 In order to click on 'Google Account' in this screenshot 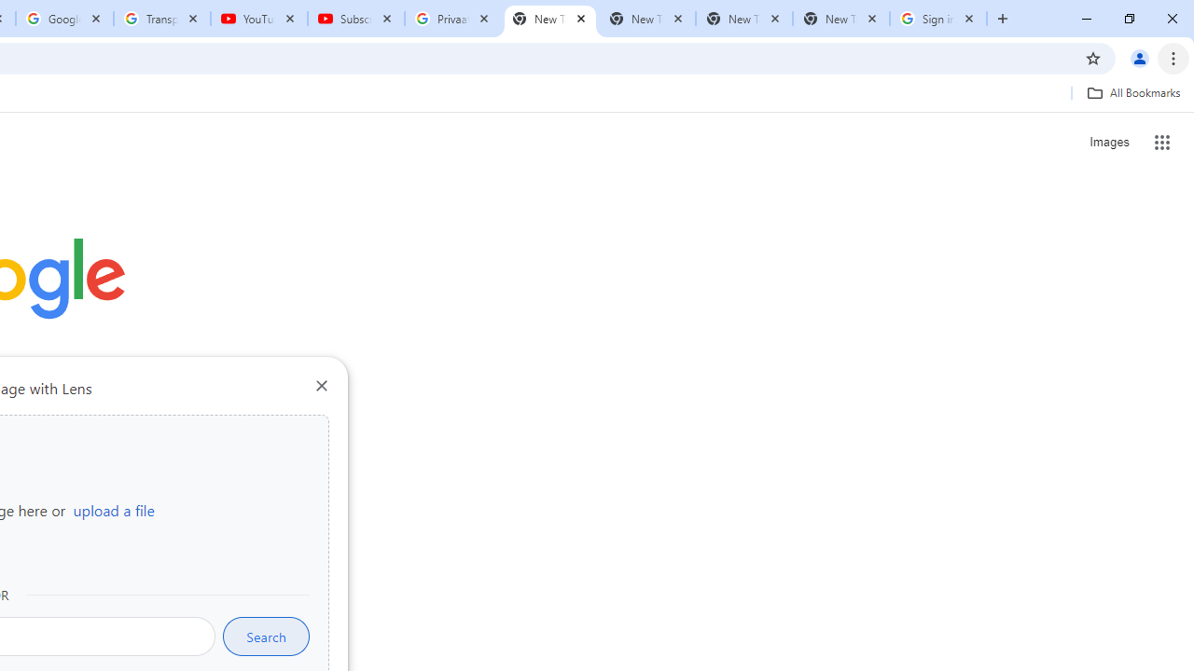, I will do `click(64, 19)`.